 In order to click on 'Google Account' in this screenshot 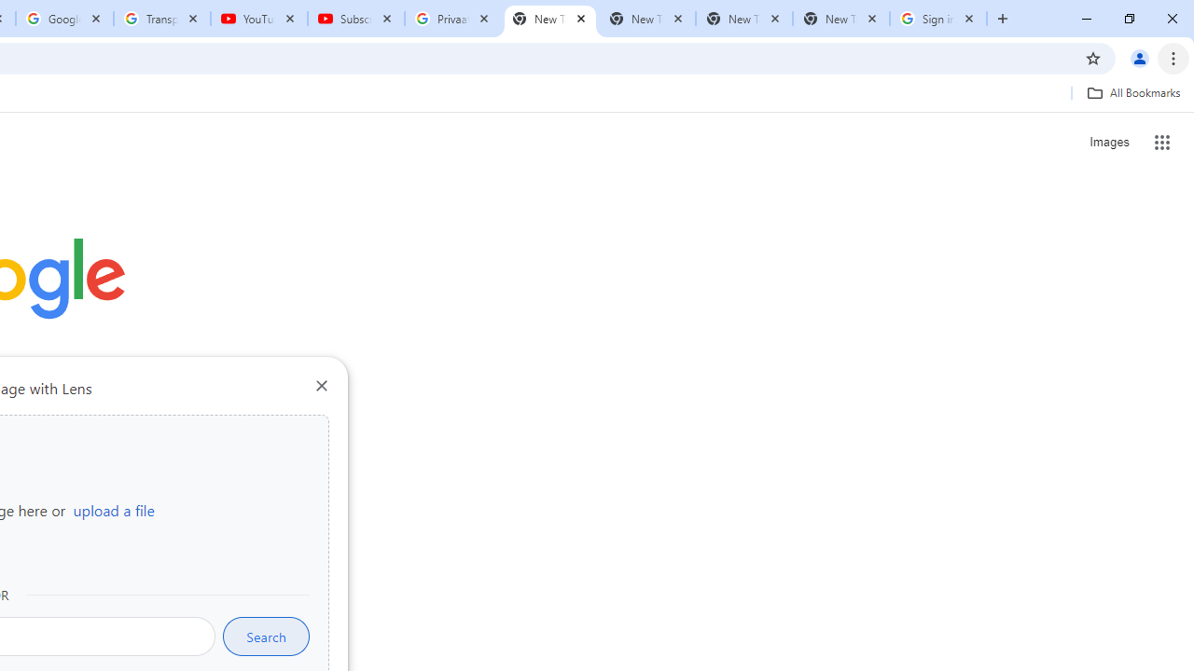, I will do `click(64, 19)`.